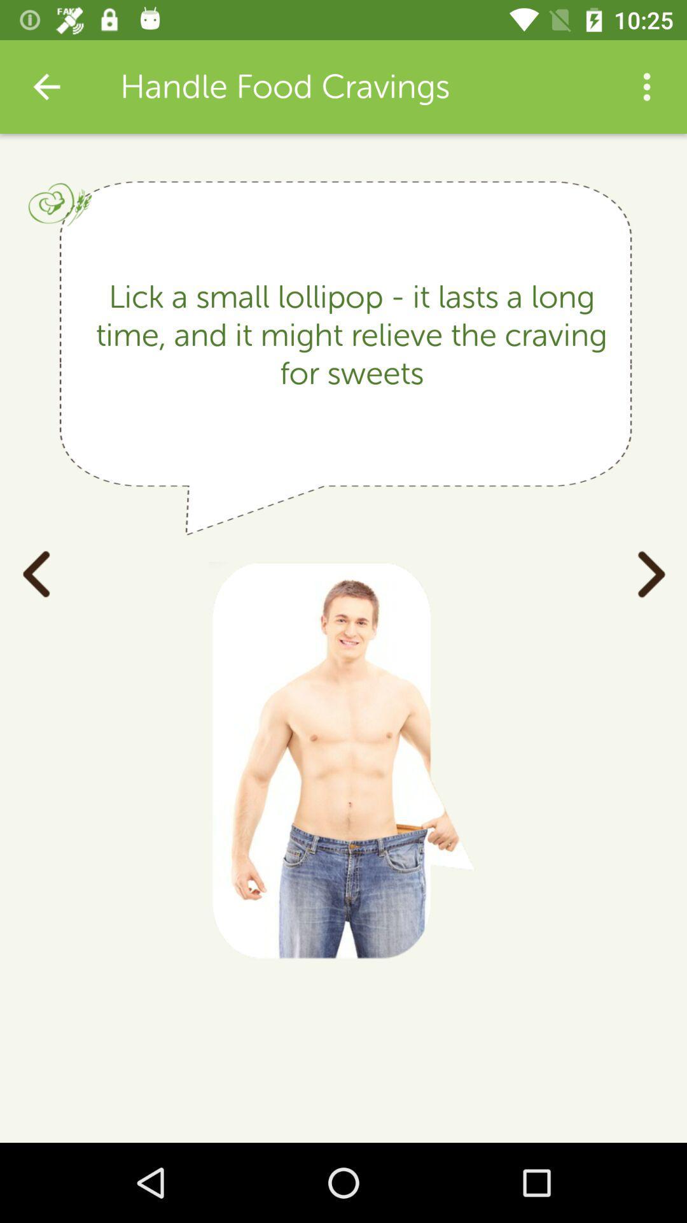 The image size is (687, 1223). I want to click on app to the left of the handle food cravings item, so click(46, 86).